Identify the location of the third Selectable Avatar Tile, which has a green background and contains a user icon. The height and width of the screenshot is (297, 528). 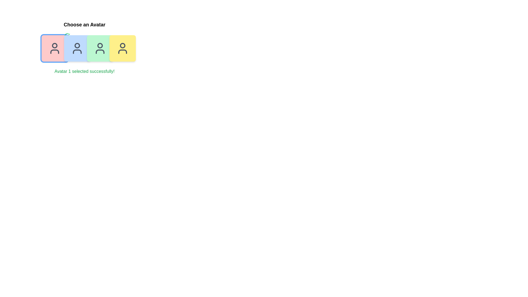
(100, 48).